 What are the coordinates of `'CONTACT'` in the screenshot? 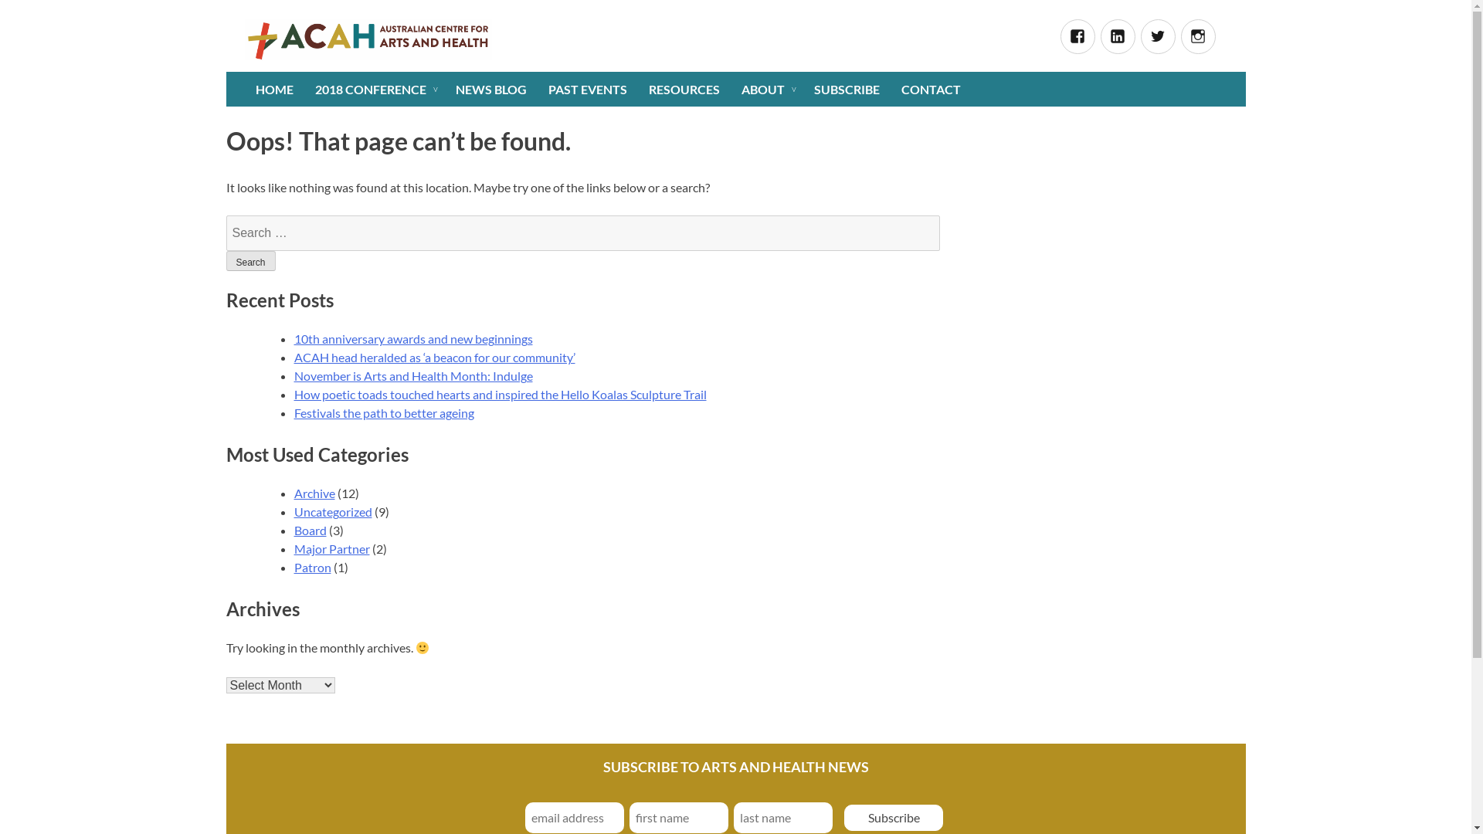 It's located at (929, 89).